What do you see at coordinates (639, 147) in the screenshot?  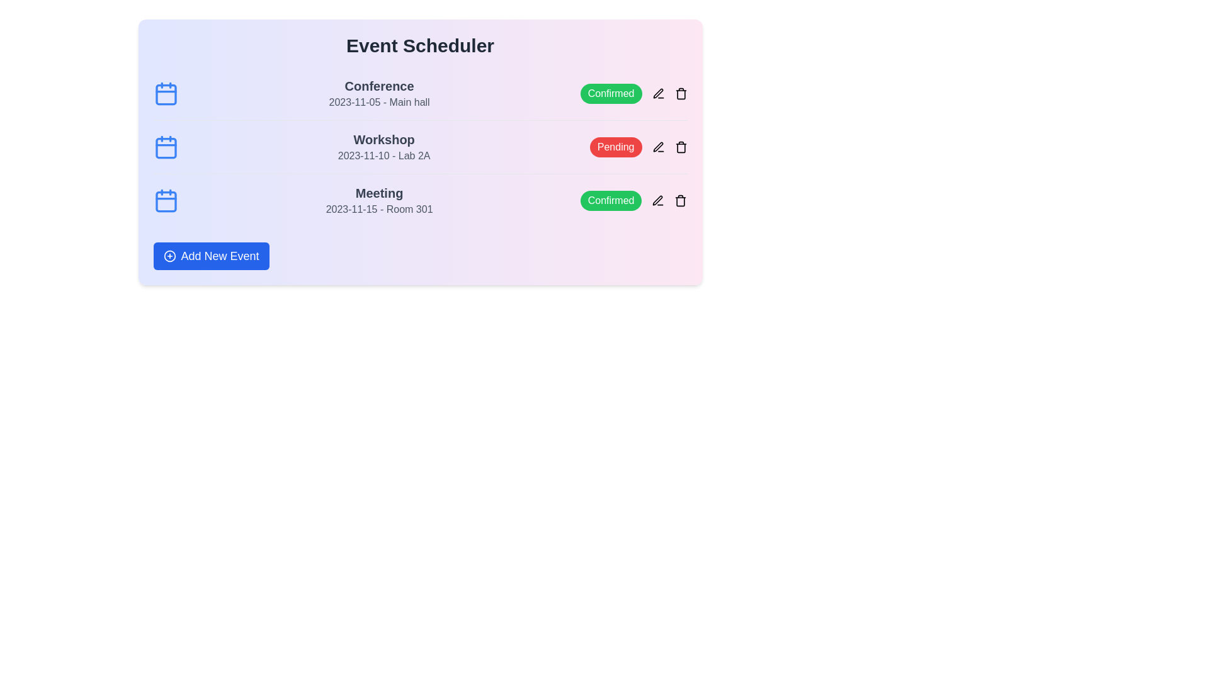 I see `the status indicator styled as a button for the 'Workshop' event in the 'Event Scheduler' section to visually indicate its pending status` at bounding box center [639, 147].